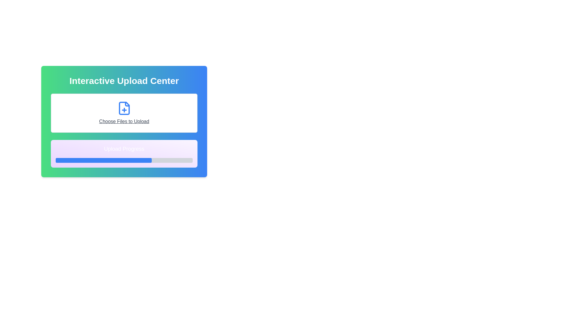  What do you see at coordinates (124, 153) in the screenshot?
I see `the progress visually of the Progress indicator located at the bottom of the 'Interactive Upload Center' section, beneath the 'Choose Files to Upload' section` at bounding box center [124, 153].